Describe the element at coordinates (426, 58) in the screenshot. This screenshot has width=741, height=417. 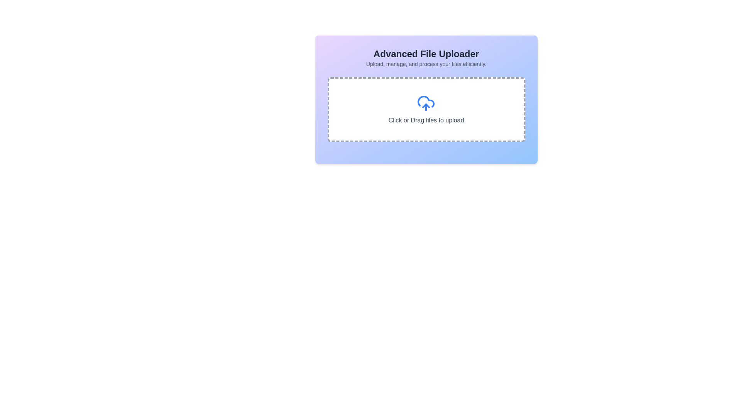
I see `the 'Advanced File Uploader' title and description element to focus on it` at that location.